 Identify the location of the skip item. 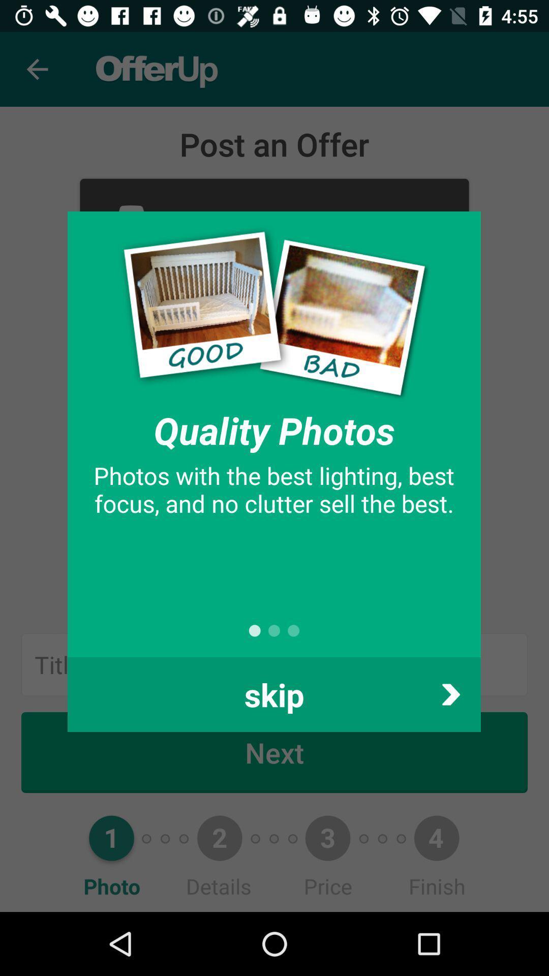
(273, 694).